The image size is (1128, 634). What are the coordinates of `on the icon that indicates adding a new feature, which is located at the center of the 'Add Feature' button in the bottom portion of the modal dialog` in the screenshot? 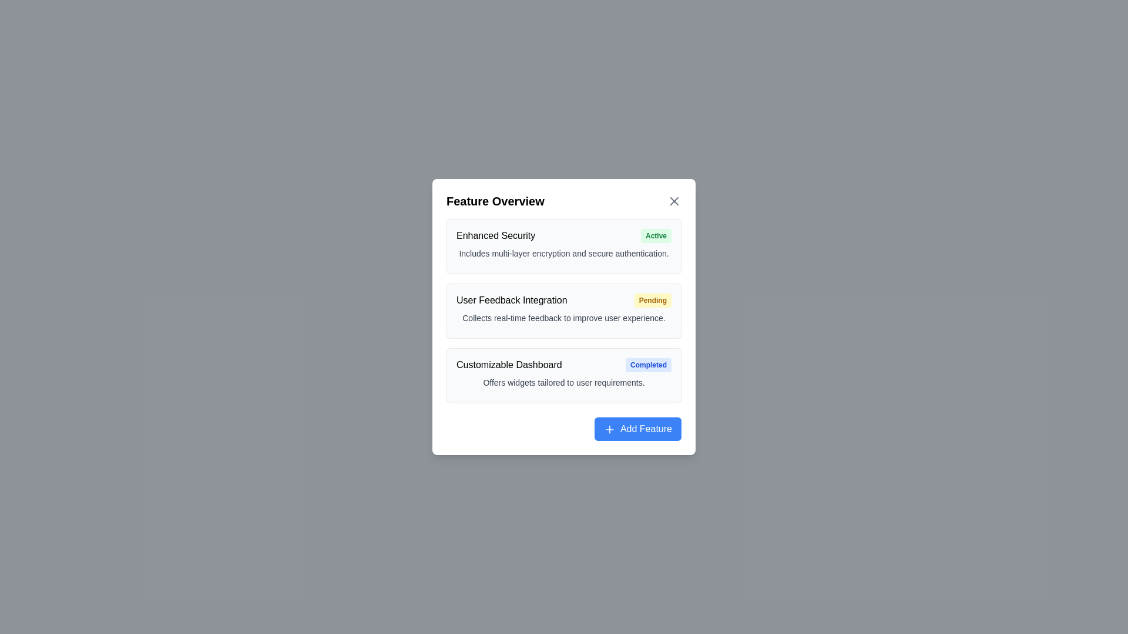 It's located at (610, 429).